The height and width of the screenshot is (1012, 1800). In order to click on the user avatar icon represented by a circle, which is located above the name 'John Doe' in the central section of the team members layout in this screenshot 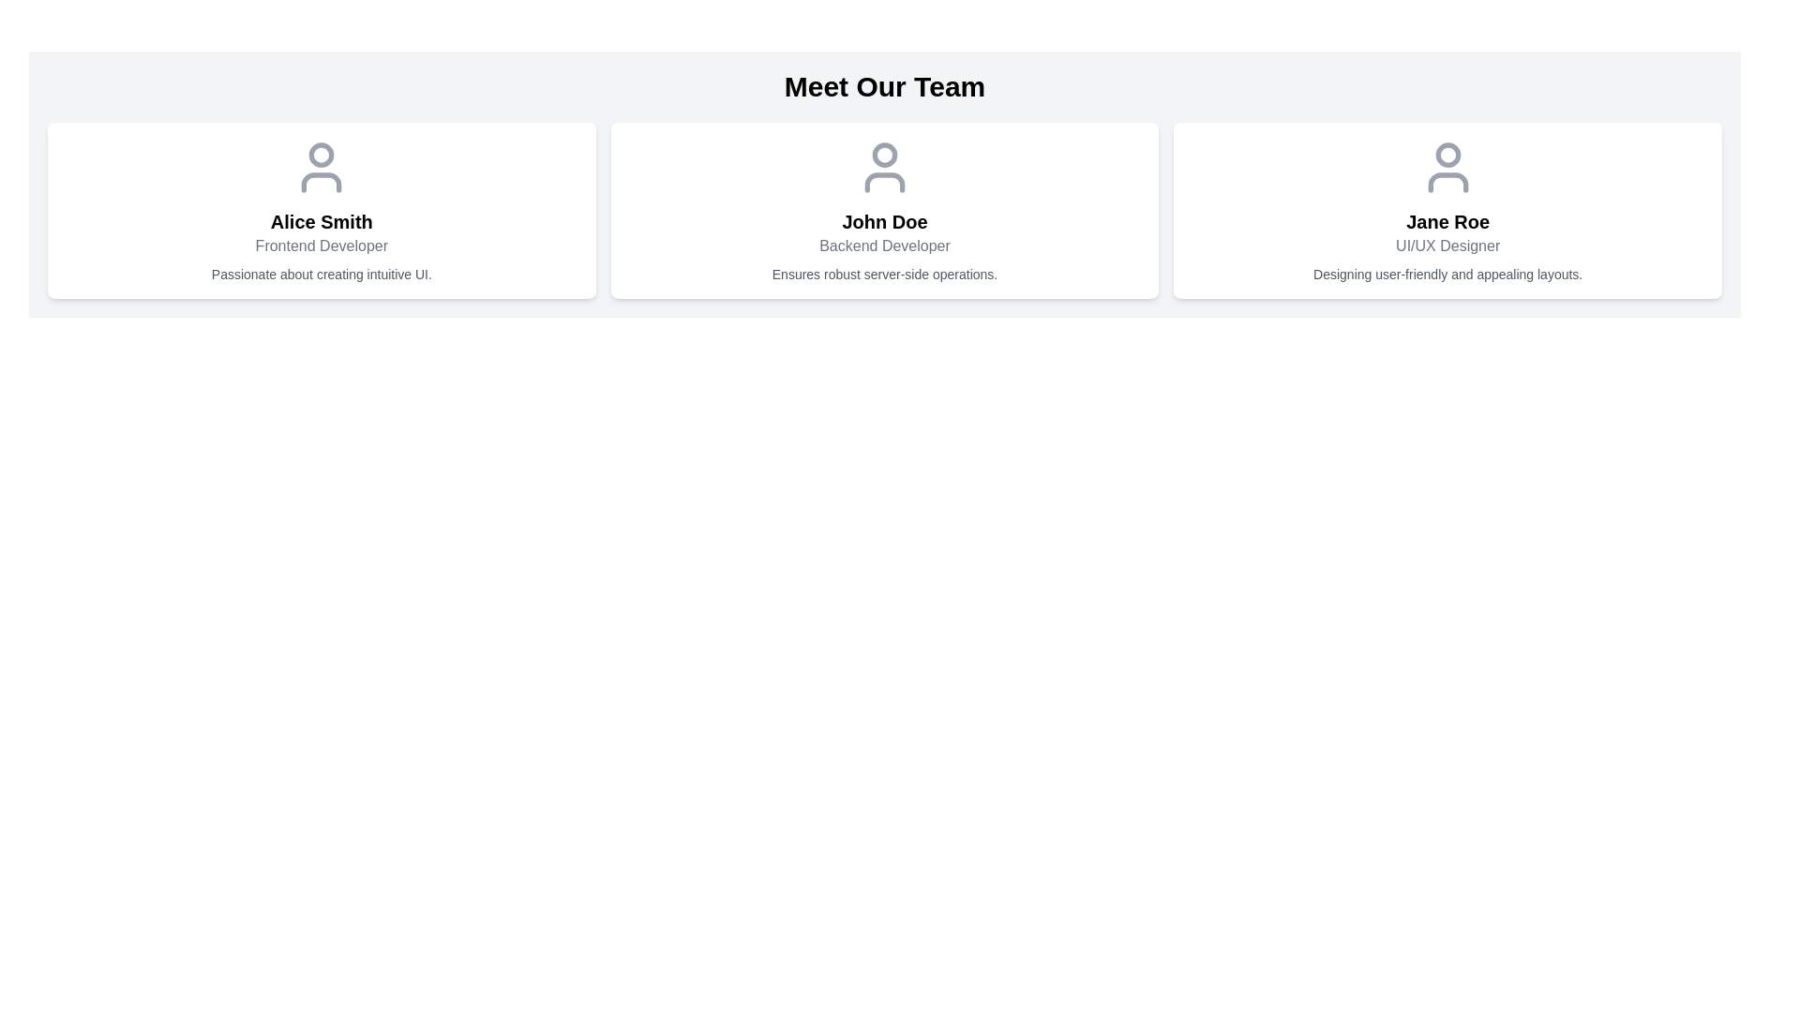, I will do `click(884, 154)`.